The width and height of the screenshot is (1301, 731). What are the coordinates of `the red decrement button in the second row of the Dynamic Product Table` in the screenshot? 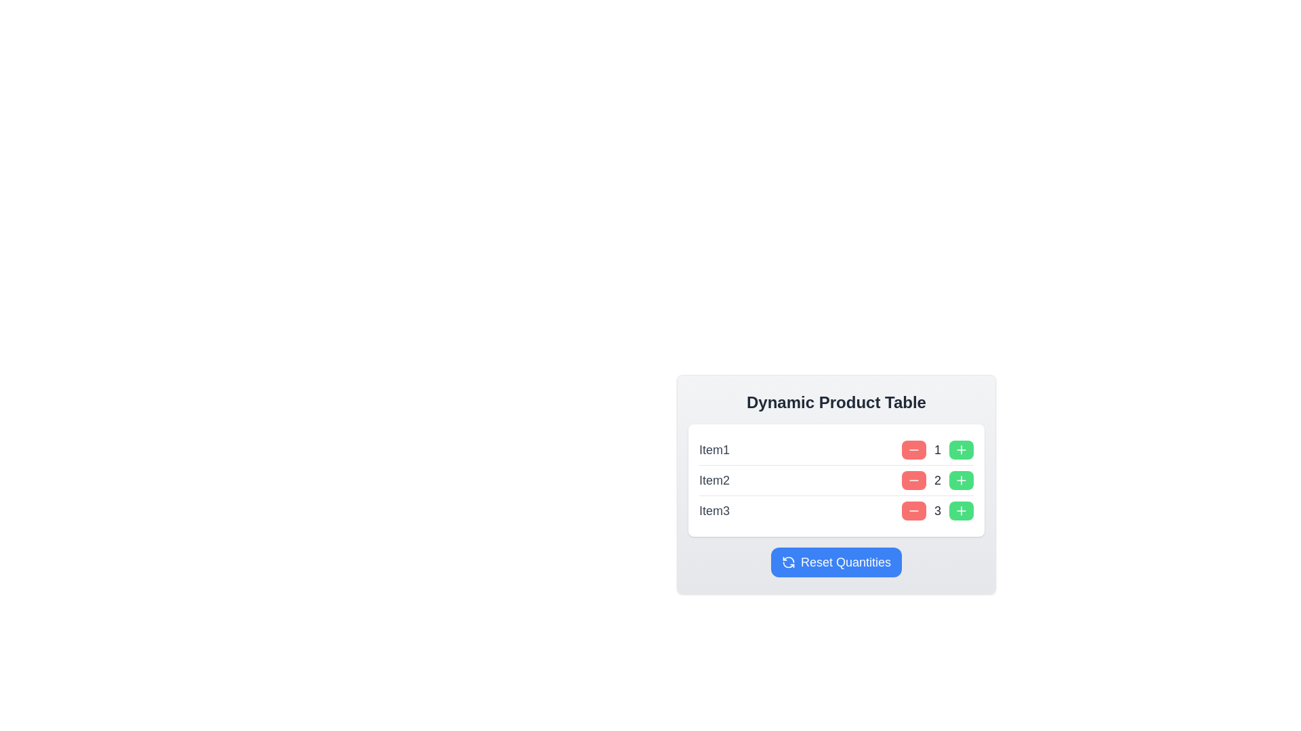 It's located at (913, 479).